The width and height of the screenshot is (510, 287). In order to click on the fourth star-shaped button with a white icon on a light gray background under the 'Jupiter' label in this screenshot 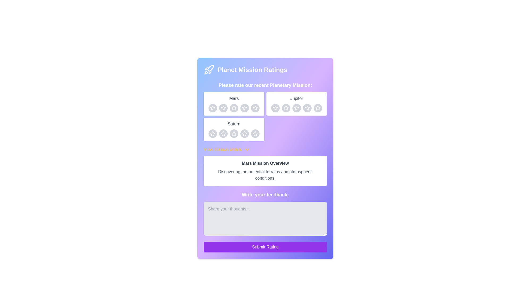, I will do `click(307, 108)`.